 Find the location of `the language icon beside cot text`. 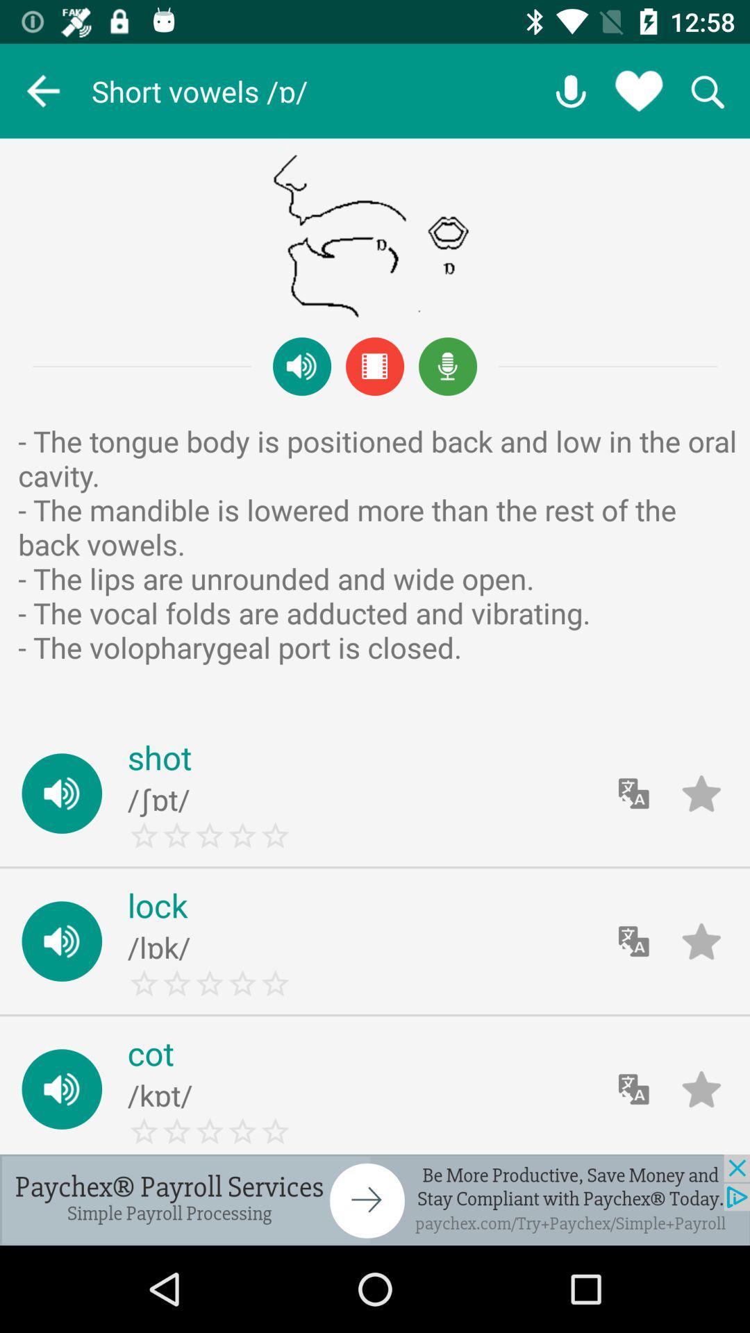

the language icon beside cot text is located at coordinates (634, 1089).